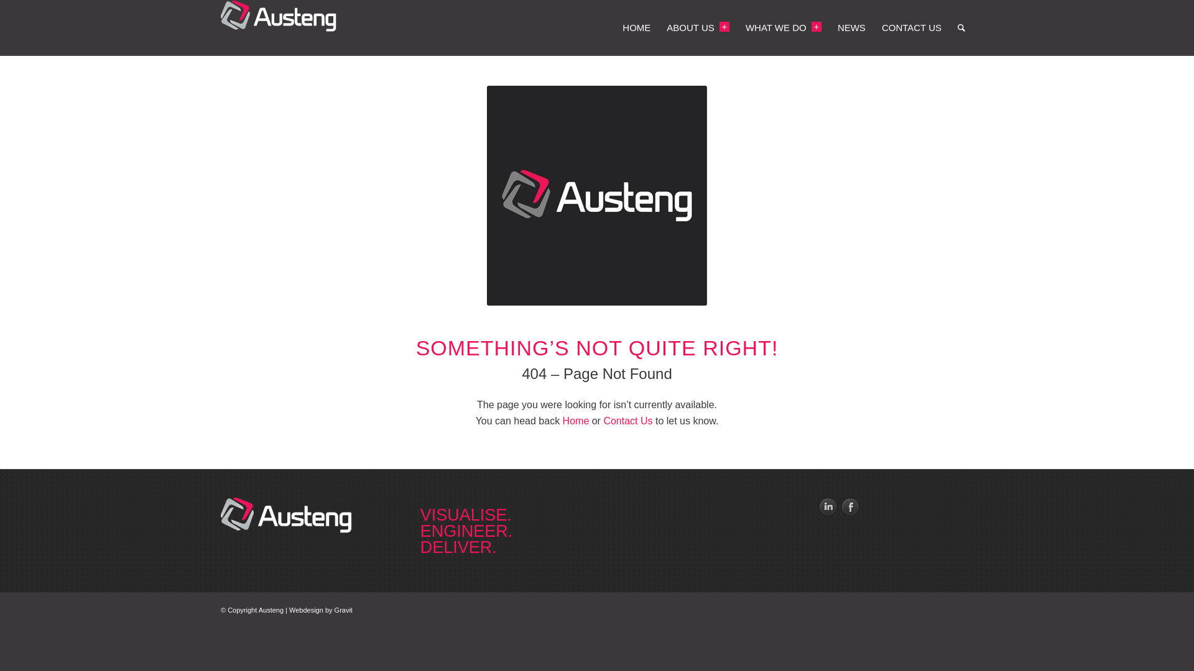 This screenshot has width=1194, height=671. Describe the element at coordinates (851, 28) in the screenshot. I see `'NEWS'` at that location.